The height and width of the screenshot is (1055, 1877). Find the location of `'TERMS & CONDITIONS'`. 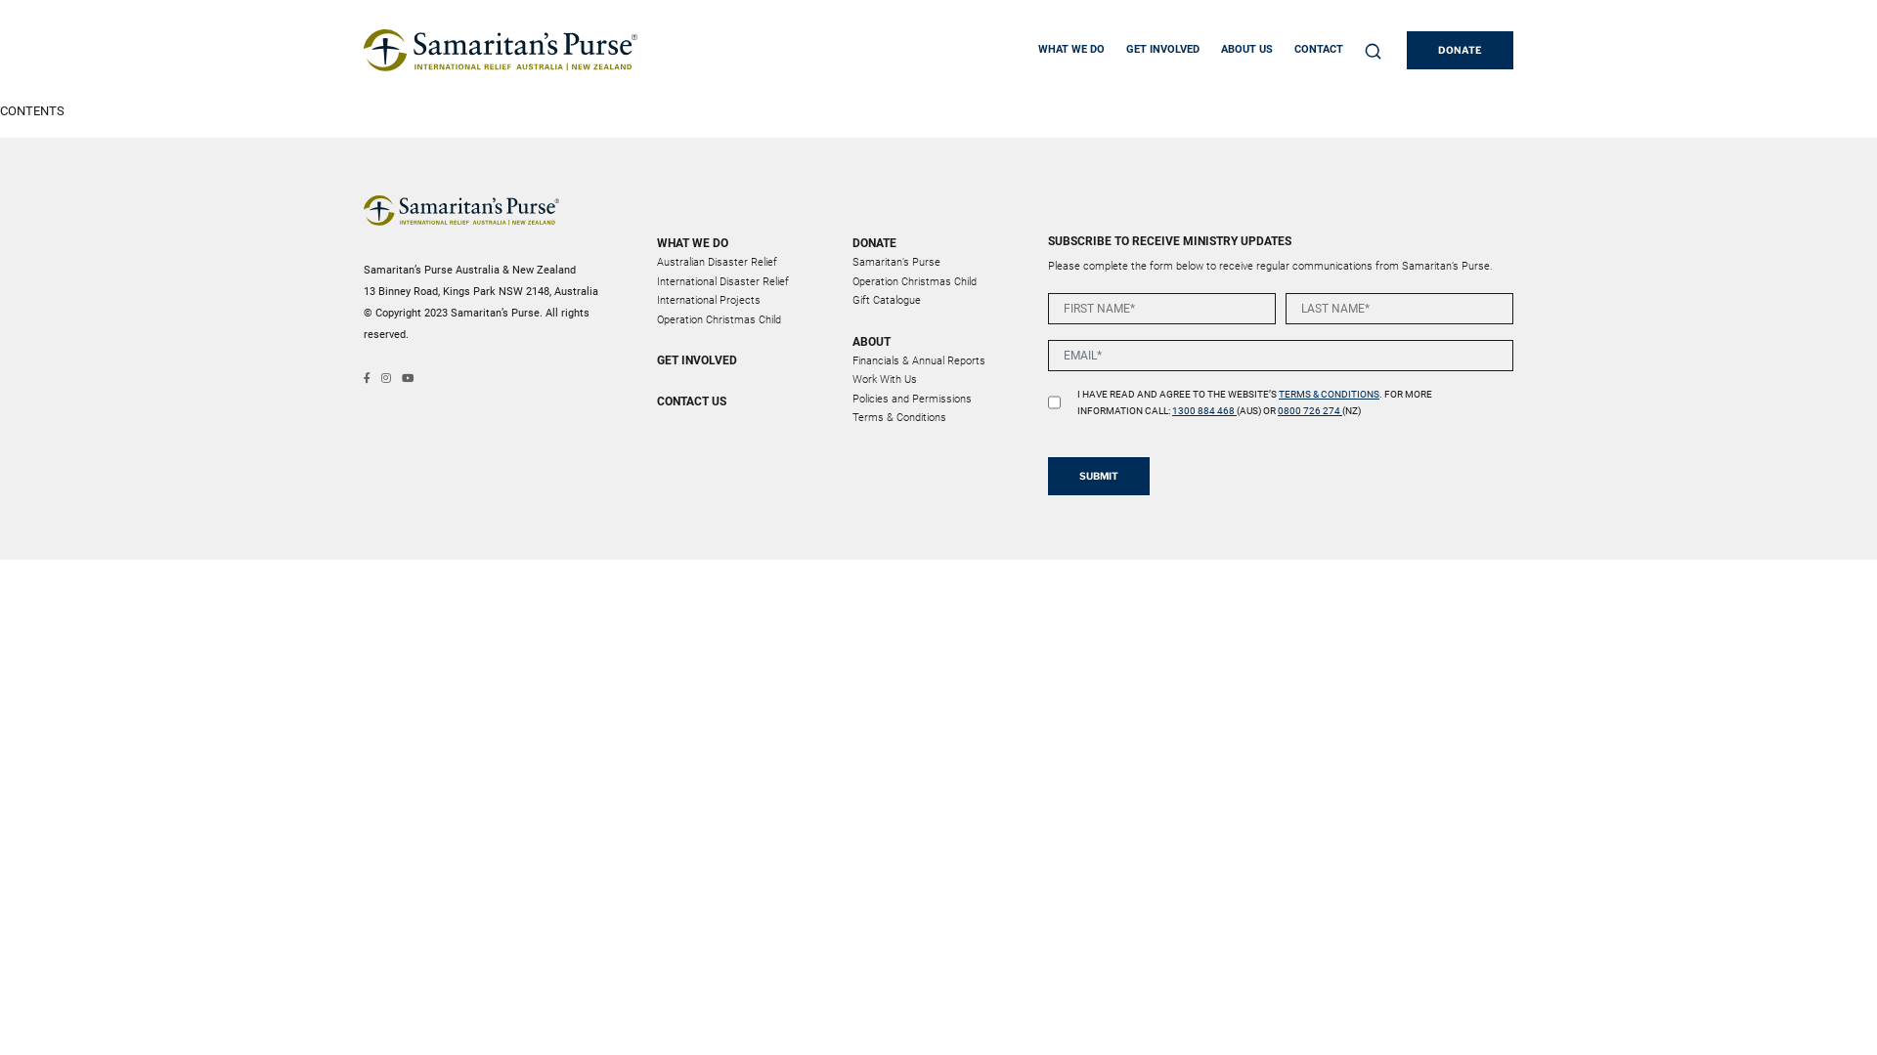

'TERMS & CONDITIONS' is located at coordinates (1279, 394).